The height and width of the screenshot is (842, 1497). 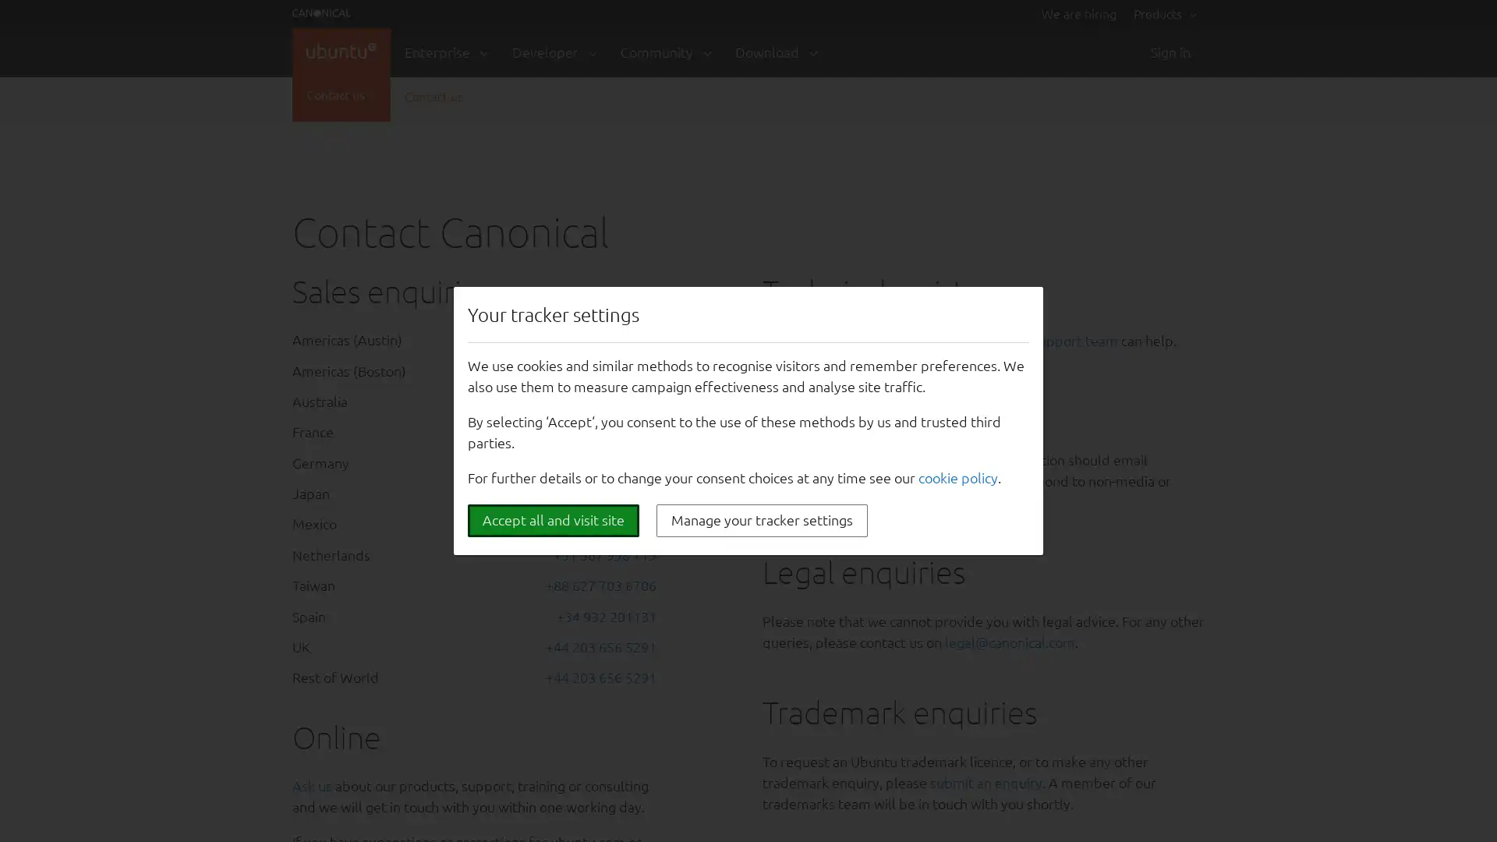 I want to click on Accept all and visit site, so click(x=554, y=520).